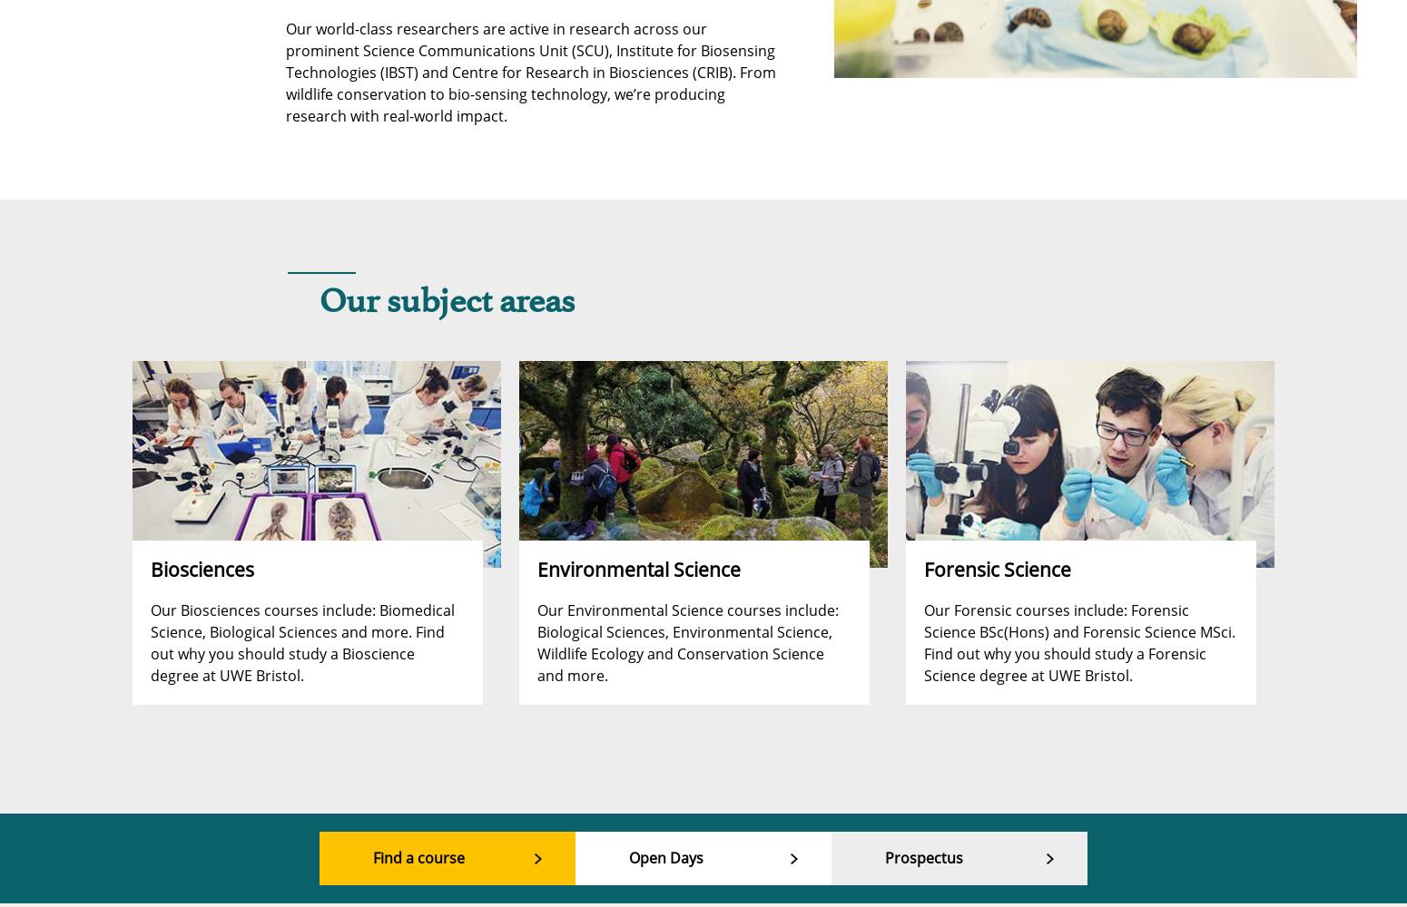 This screenshot has height=907, width=1407. I want to click on 'Find a course', so click(418, 857).